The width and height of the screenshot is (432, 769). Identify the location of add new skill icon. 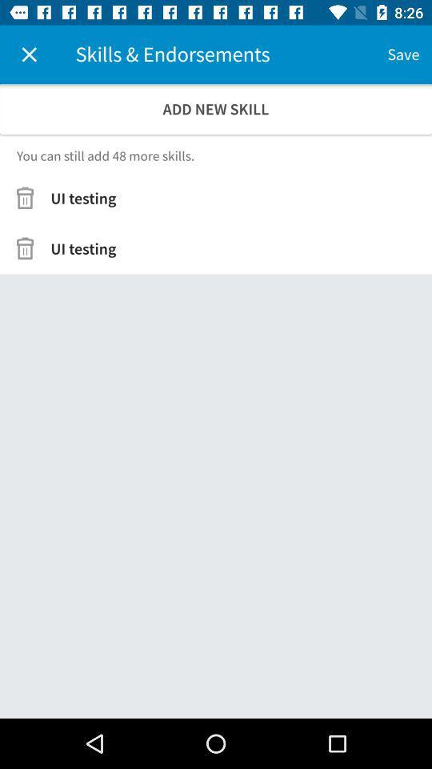
(216, 108).